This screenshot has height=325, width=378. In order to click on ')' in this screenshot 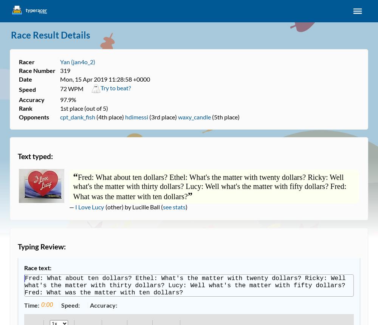, I will do `click(186, 206)`.